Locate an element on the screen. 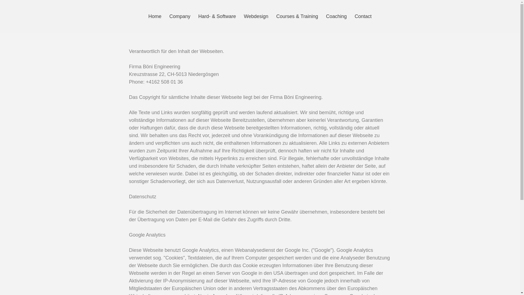  'Webdesign' is located at coordinates (240, 16).